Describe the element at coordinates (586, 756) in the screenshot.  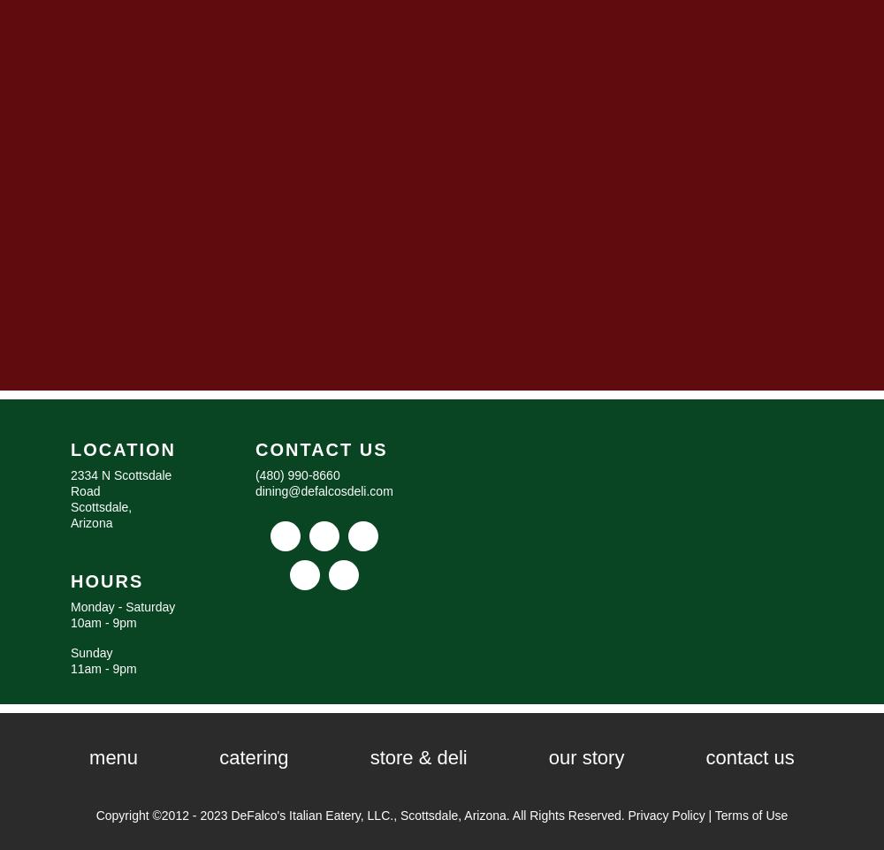
I see `'Our Story'` at that location.